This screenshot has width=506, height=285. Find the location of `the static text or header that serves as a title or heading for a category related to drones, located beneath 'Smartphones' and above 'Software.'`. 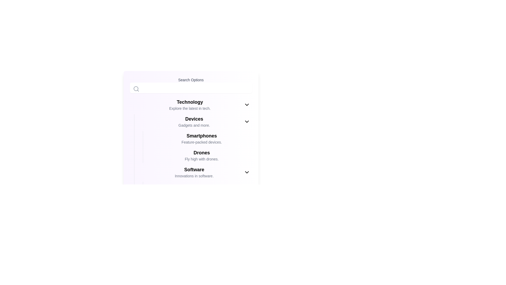

the static text or header that serves as a title or heading for a category related to drones, located beneath 'Smartphones' and above 'Software.' is located at coordinates (201, 153).